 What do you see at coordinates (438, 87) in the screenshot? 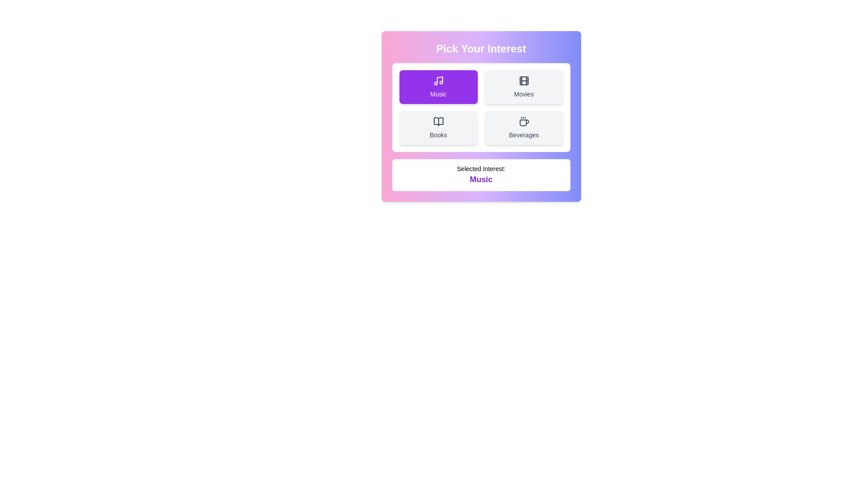
I see `the button corresponding to the interest Music` at bounding box center [438, 87].